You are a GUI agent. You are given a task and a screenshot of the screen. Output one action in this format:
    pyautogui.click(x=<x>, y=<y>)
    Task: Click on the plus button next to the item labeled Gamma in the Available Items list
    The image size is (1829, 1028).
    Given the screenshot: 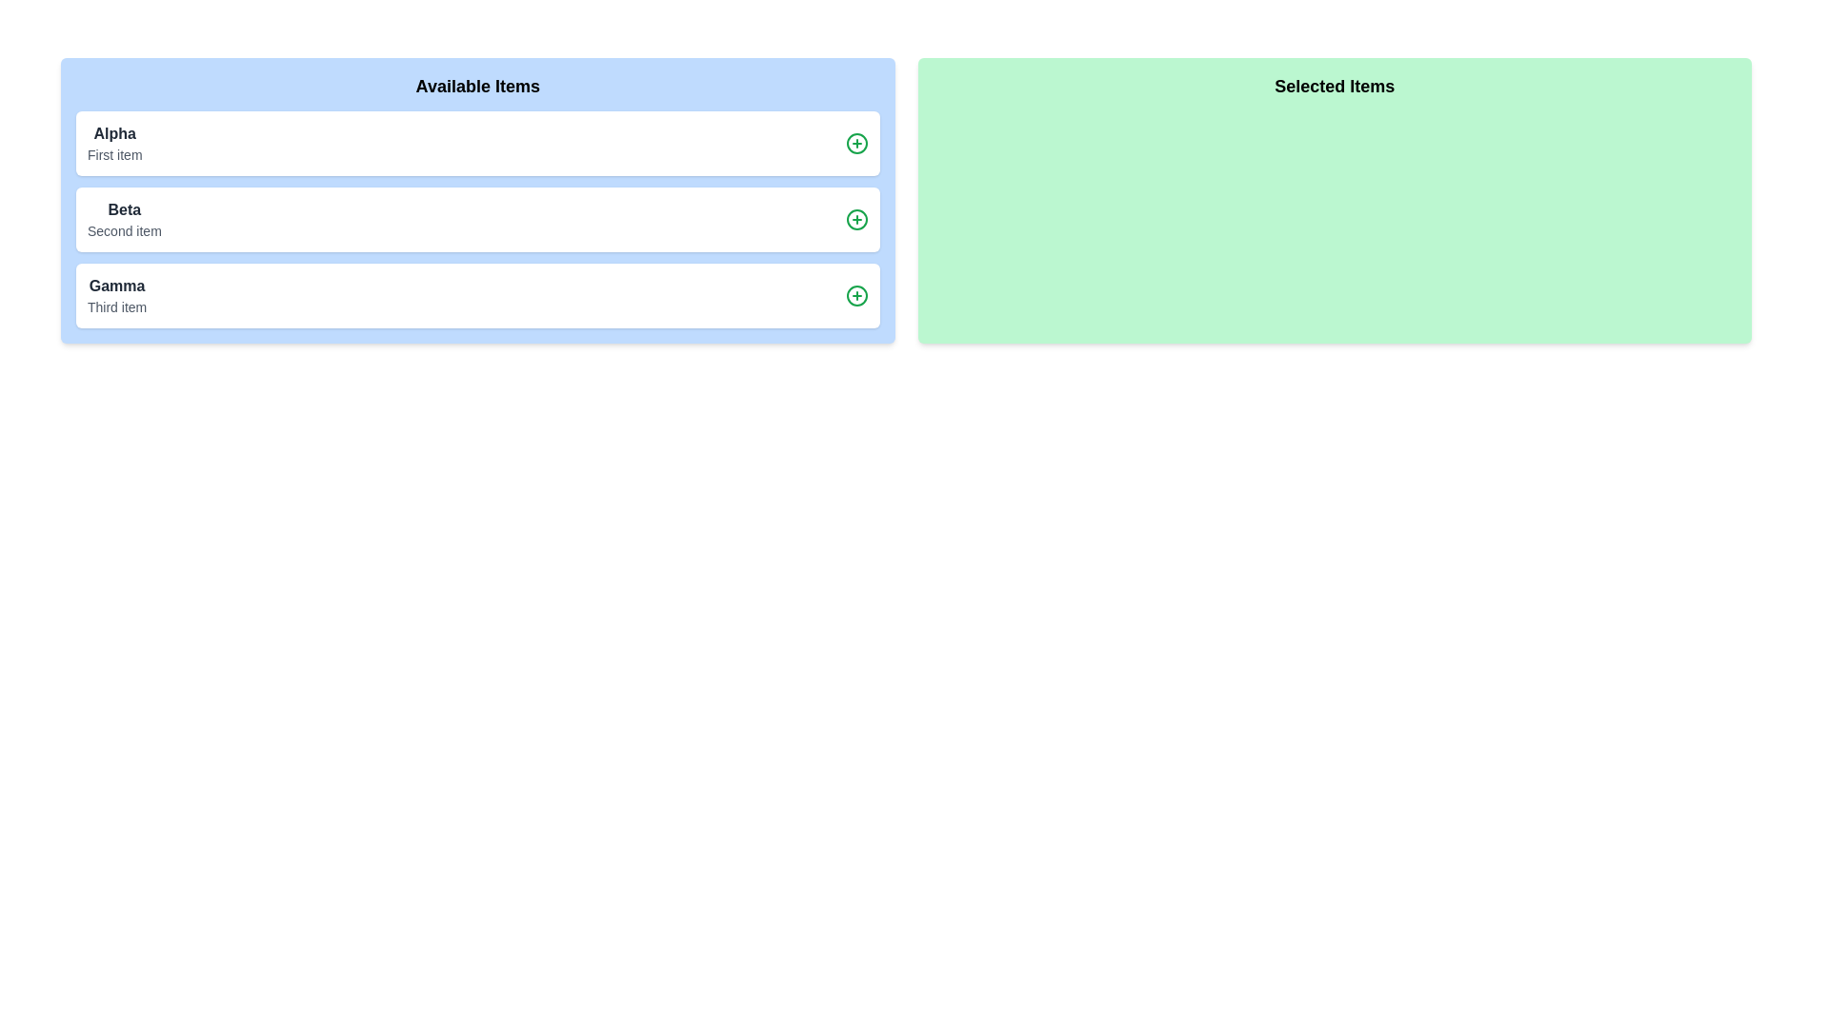 What is the action you would take?
    pyautogui.click(x=855, y=296)
    